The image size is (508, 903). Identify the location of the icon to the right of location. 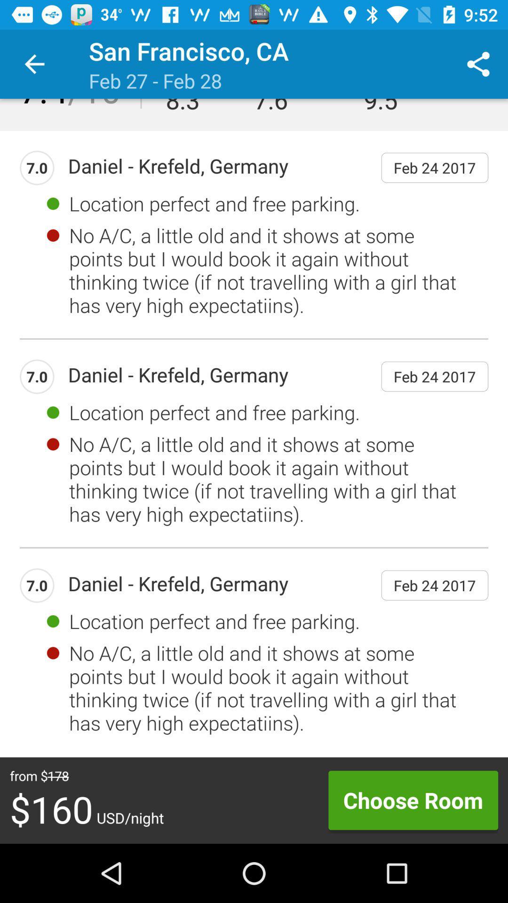
(478, 63).